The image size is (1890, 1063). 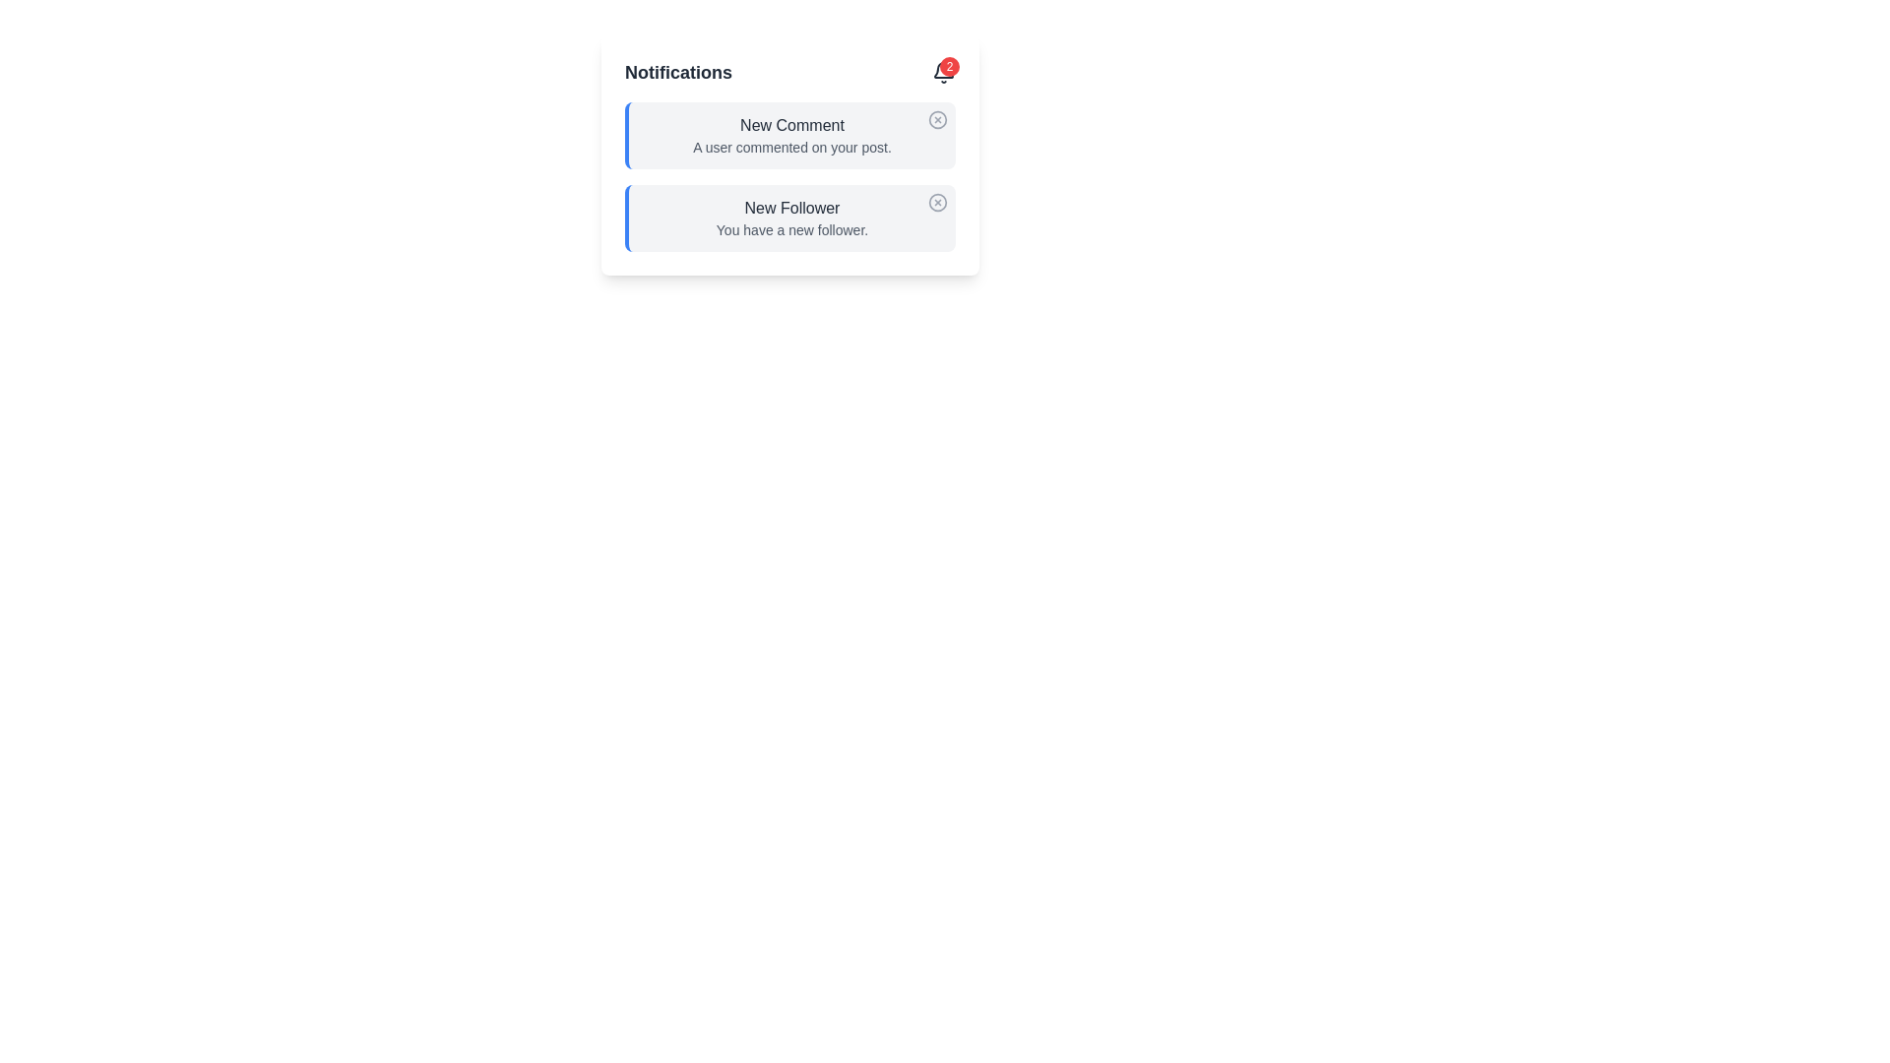 I want to click on the informational text label that displays a notification about a new comment on the user's post, located in the notifications panel, so click(x=792, y=147).